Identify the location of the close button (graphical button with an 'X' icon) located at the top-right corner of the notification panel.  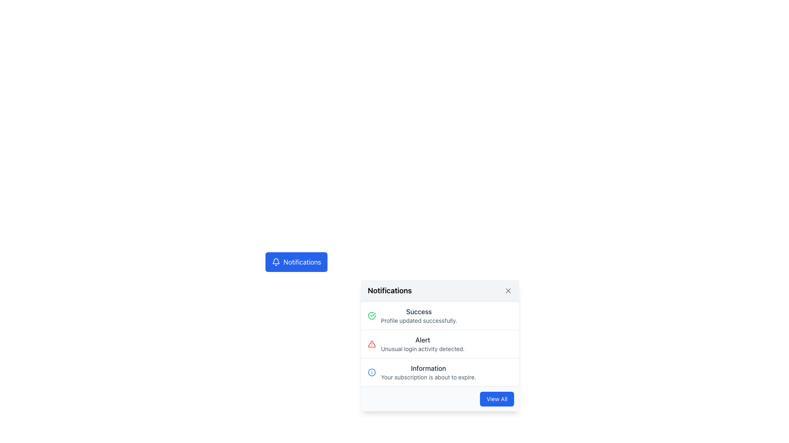
(508, 290).